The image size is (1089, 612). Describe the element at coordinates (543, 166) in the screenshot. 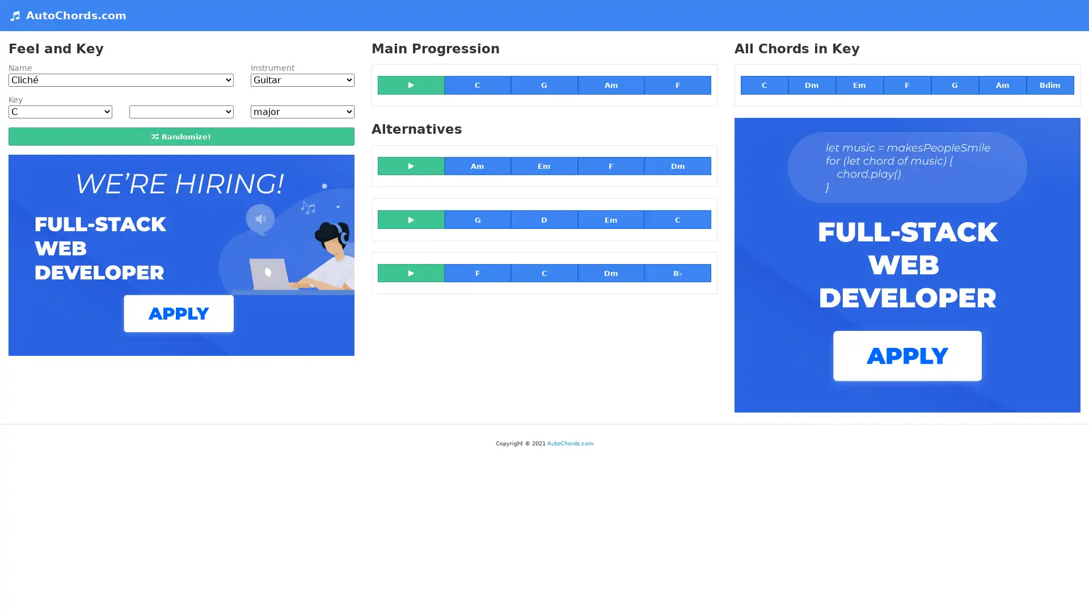

I see `Em` at that location.